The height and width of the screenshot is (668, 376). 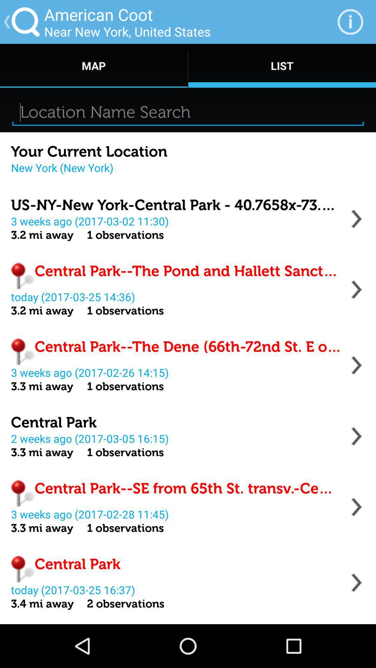 What do you see at coordinates (188, 112) in the screenshot?
I see `the text which says location name search` at bounding box center [188, 112].